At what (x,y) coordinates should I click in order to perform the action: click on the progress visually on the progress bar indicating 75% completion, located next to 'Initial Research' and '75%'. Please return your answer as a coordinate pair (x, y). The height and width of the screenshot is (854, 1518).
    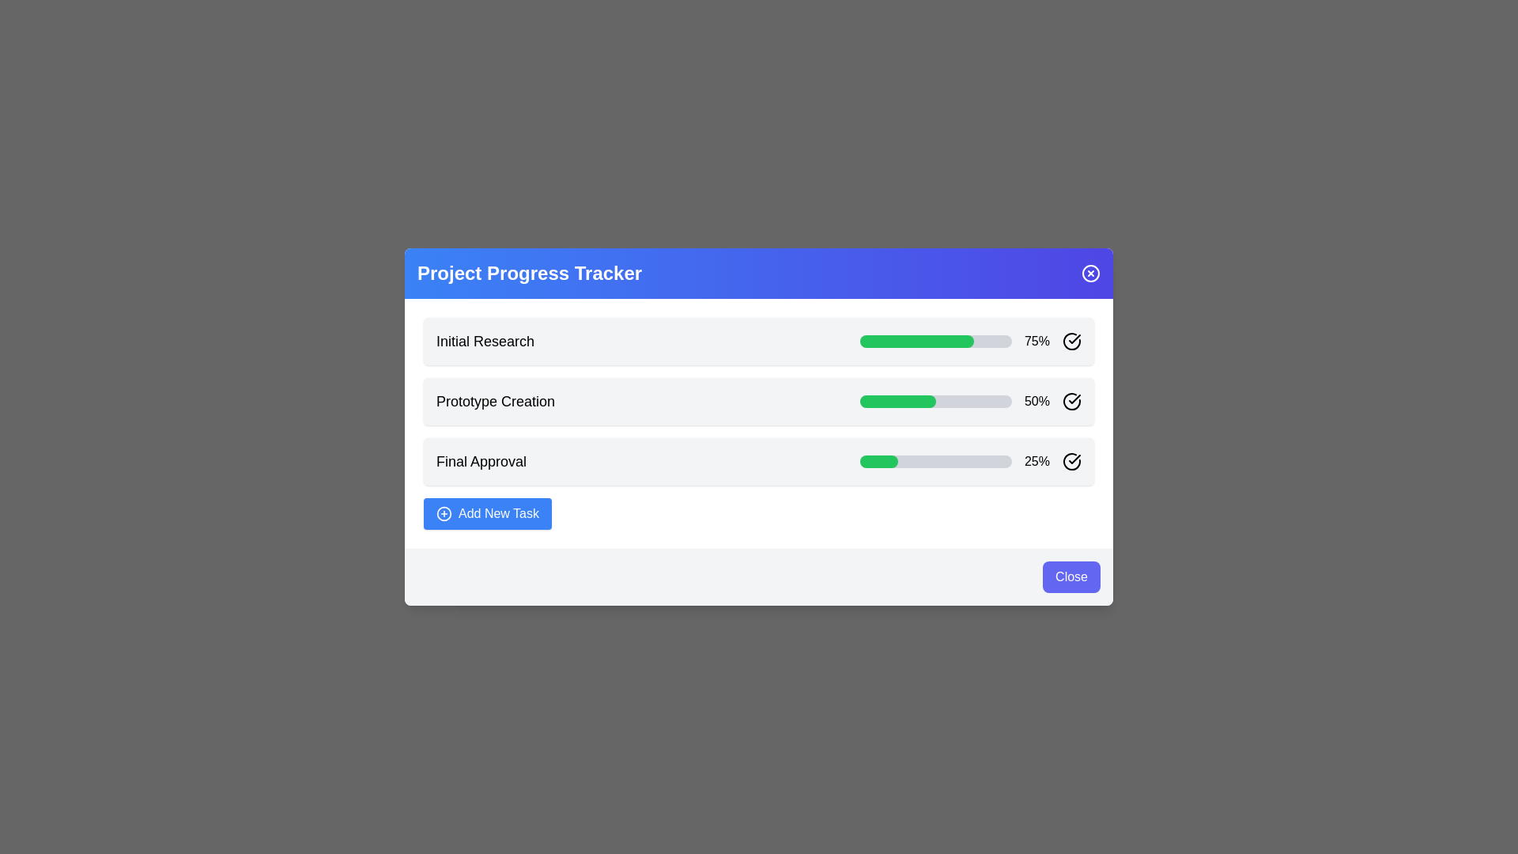
    Looking at the image, I should click on (936, 341).